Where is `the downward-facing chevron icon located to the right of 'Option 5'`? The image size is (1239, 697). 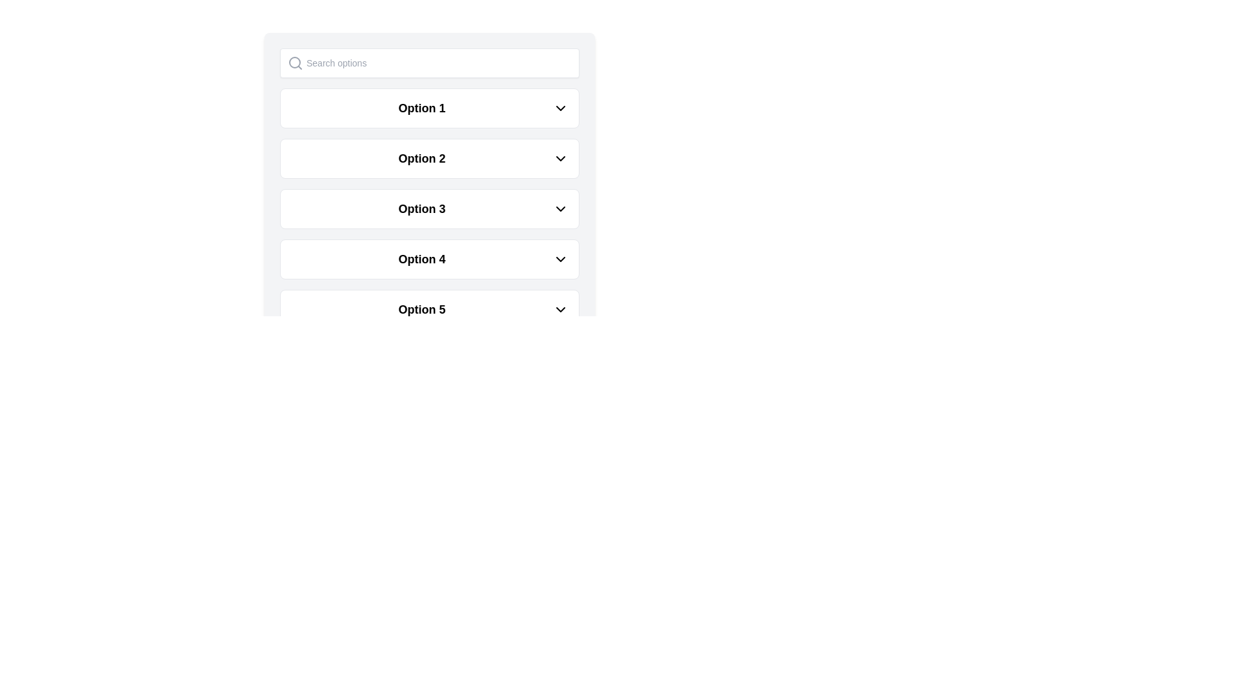 the downward-facing chevron icon located to the right of 'Option 5' is located at coordinates (560, 309).